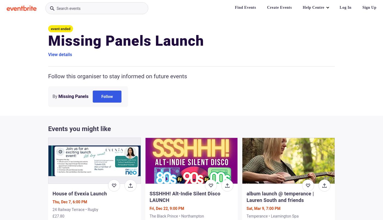  What do you see at coordinates (60, 29) in the screenshot?
I see `'Event ended'` at bounding box center [60, 29].